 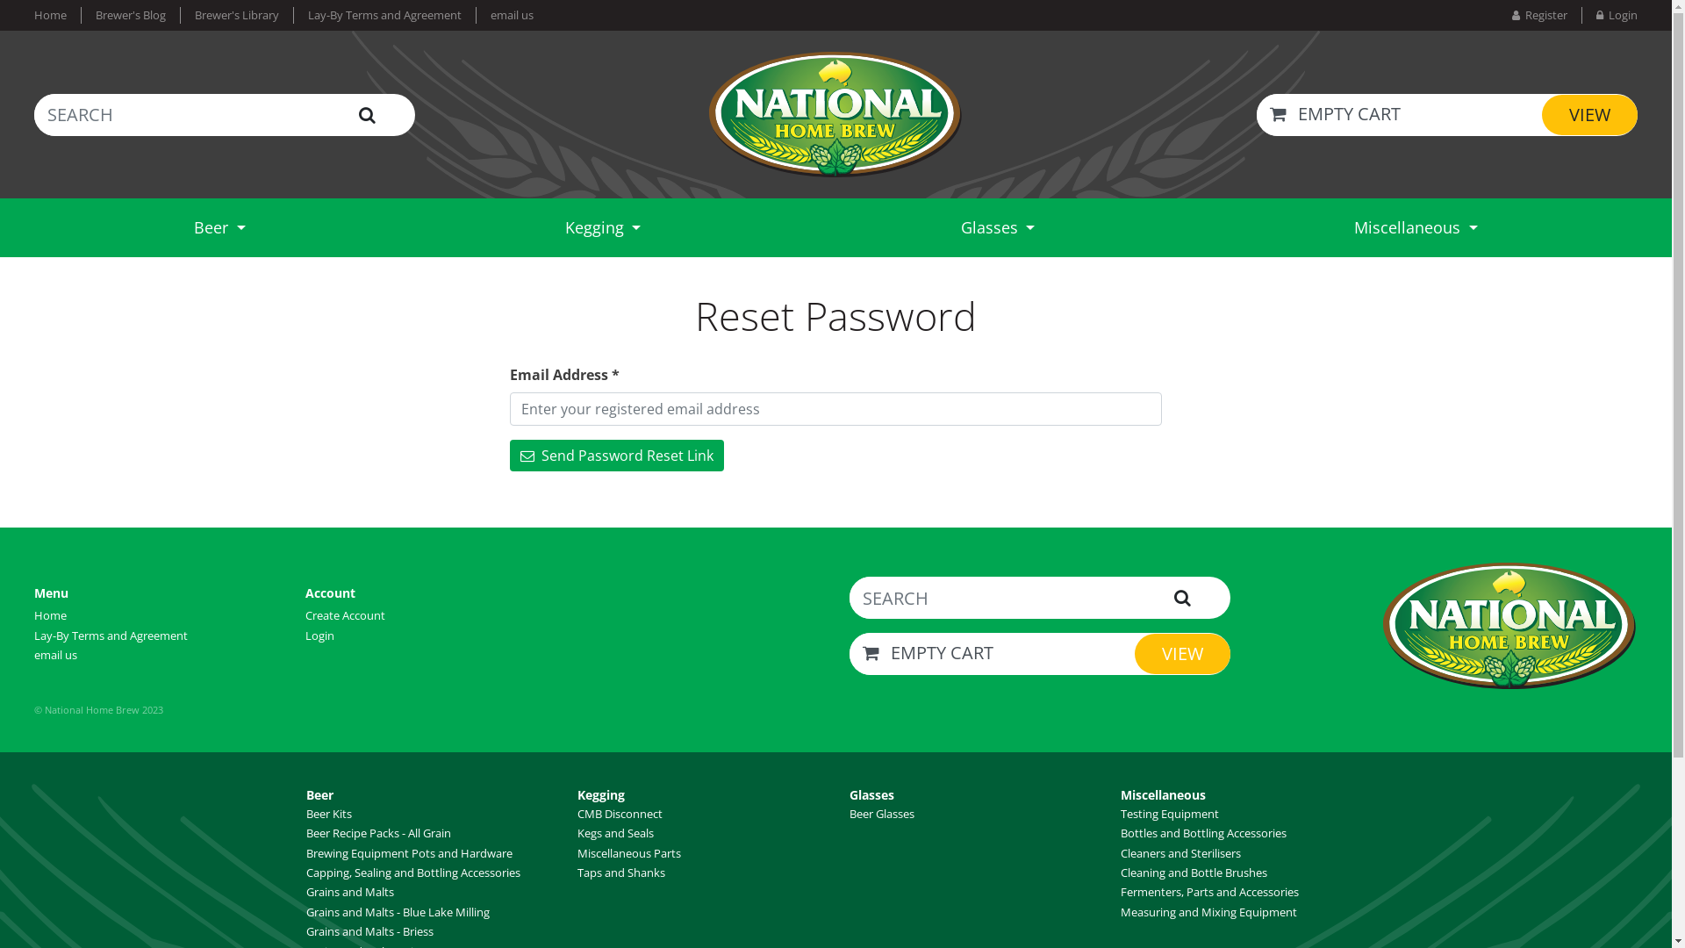 What do you see at coordinates (1119, 813) in the screenshot?
I see `'Testing Equipment'` at bounding box center [1119, 813].